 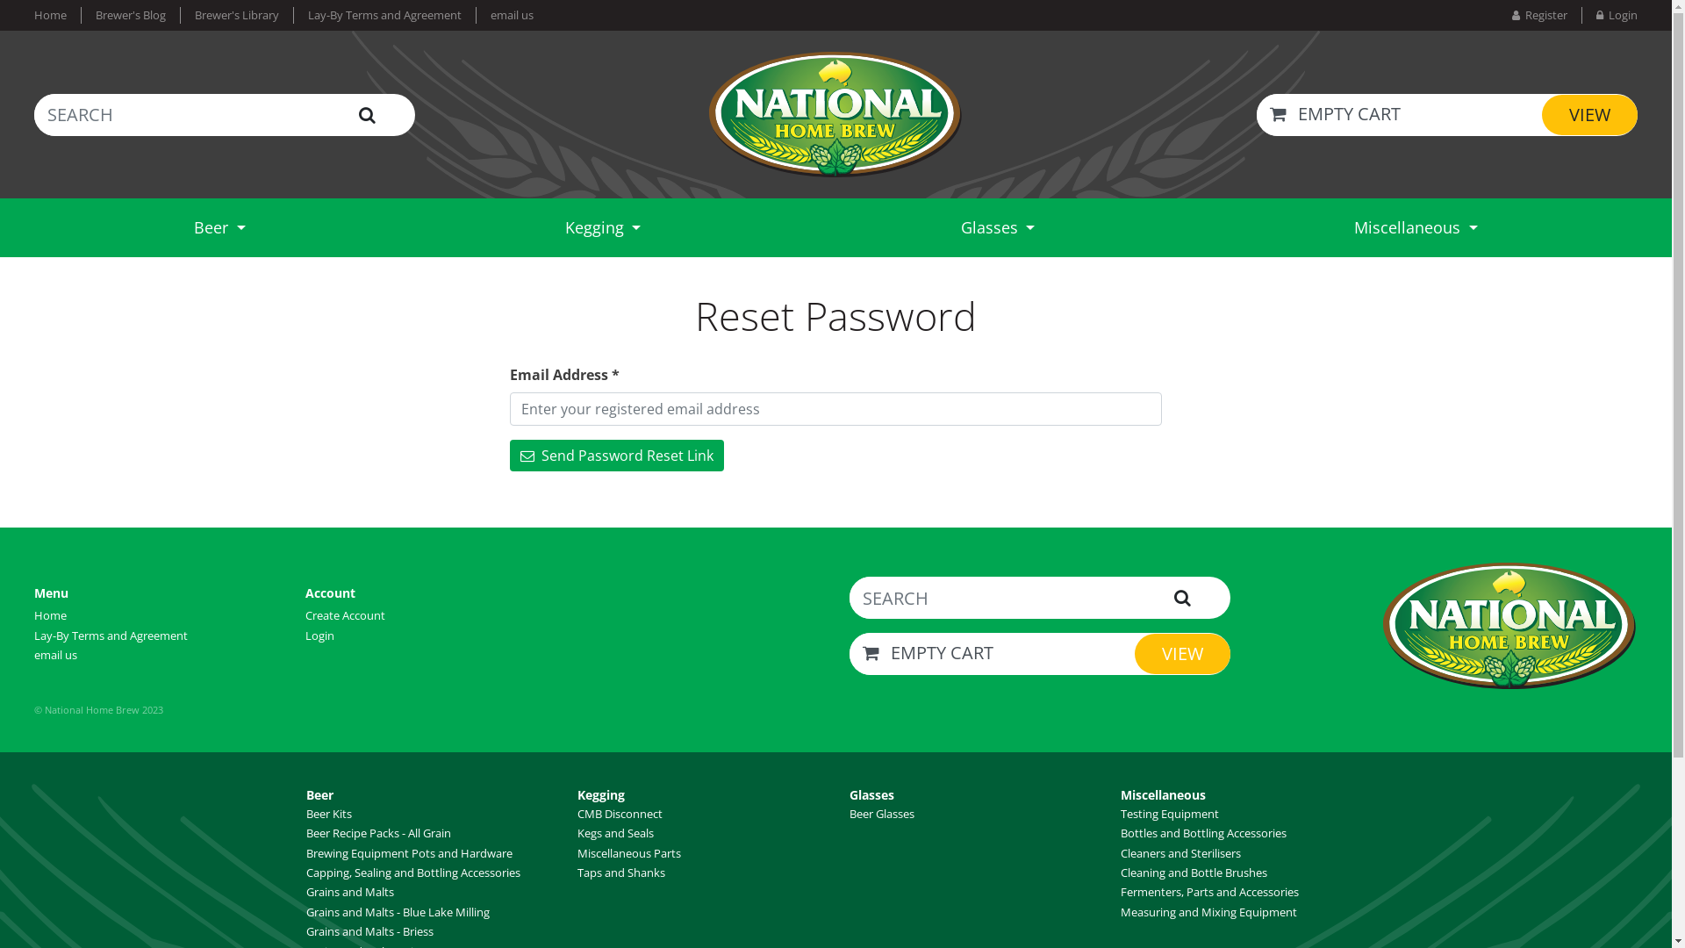 What do you see at coordinates (1119, 813) in the screenshot?
I see `'Testing Equipment'` at bounding box center [1119, 813].